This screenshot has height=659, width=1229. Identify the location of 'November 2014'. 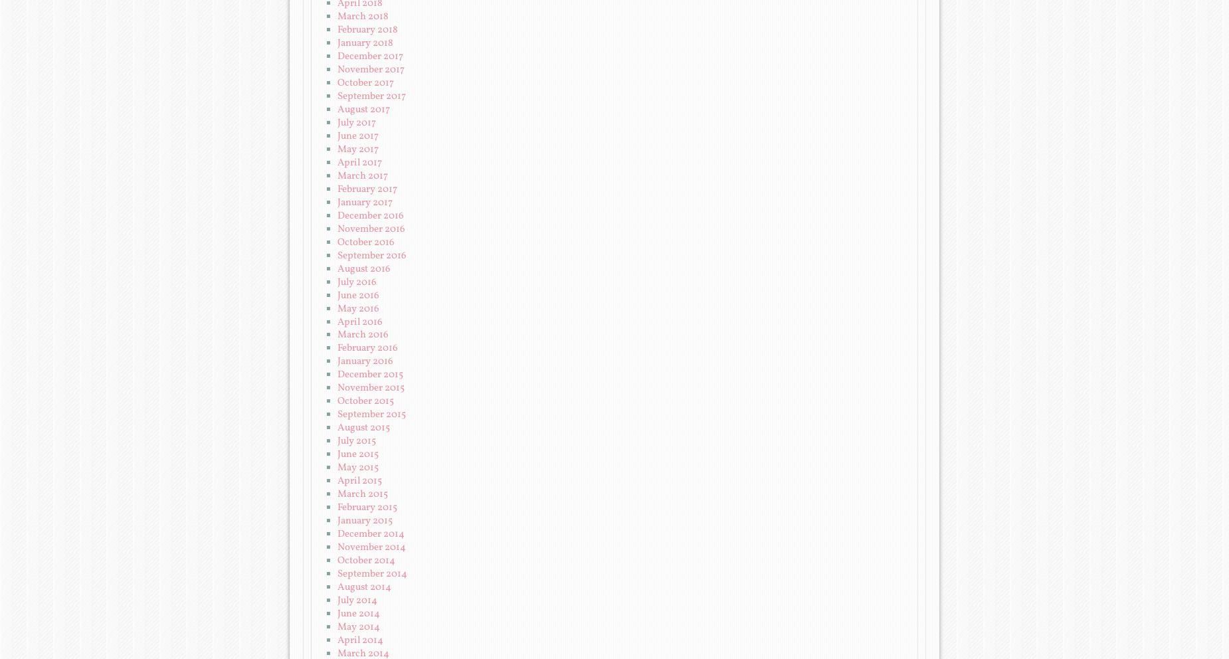
(337, 547).